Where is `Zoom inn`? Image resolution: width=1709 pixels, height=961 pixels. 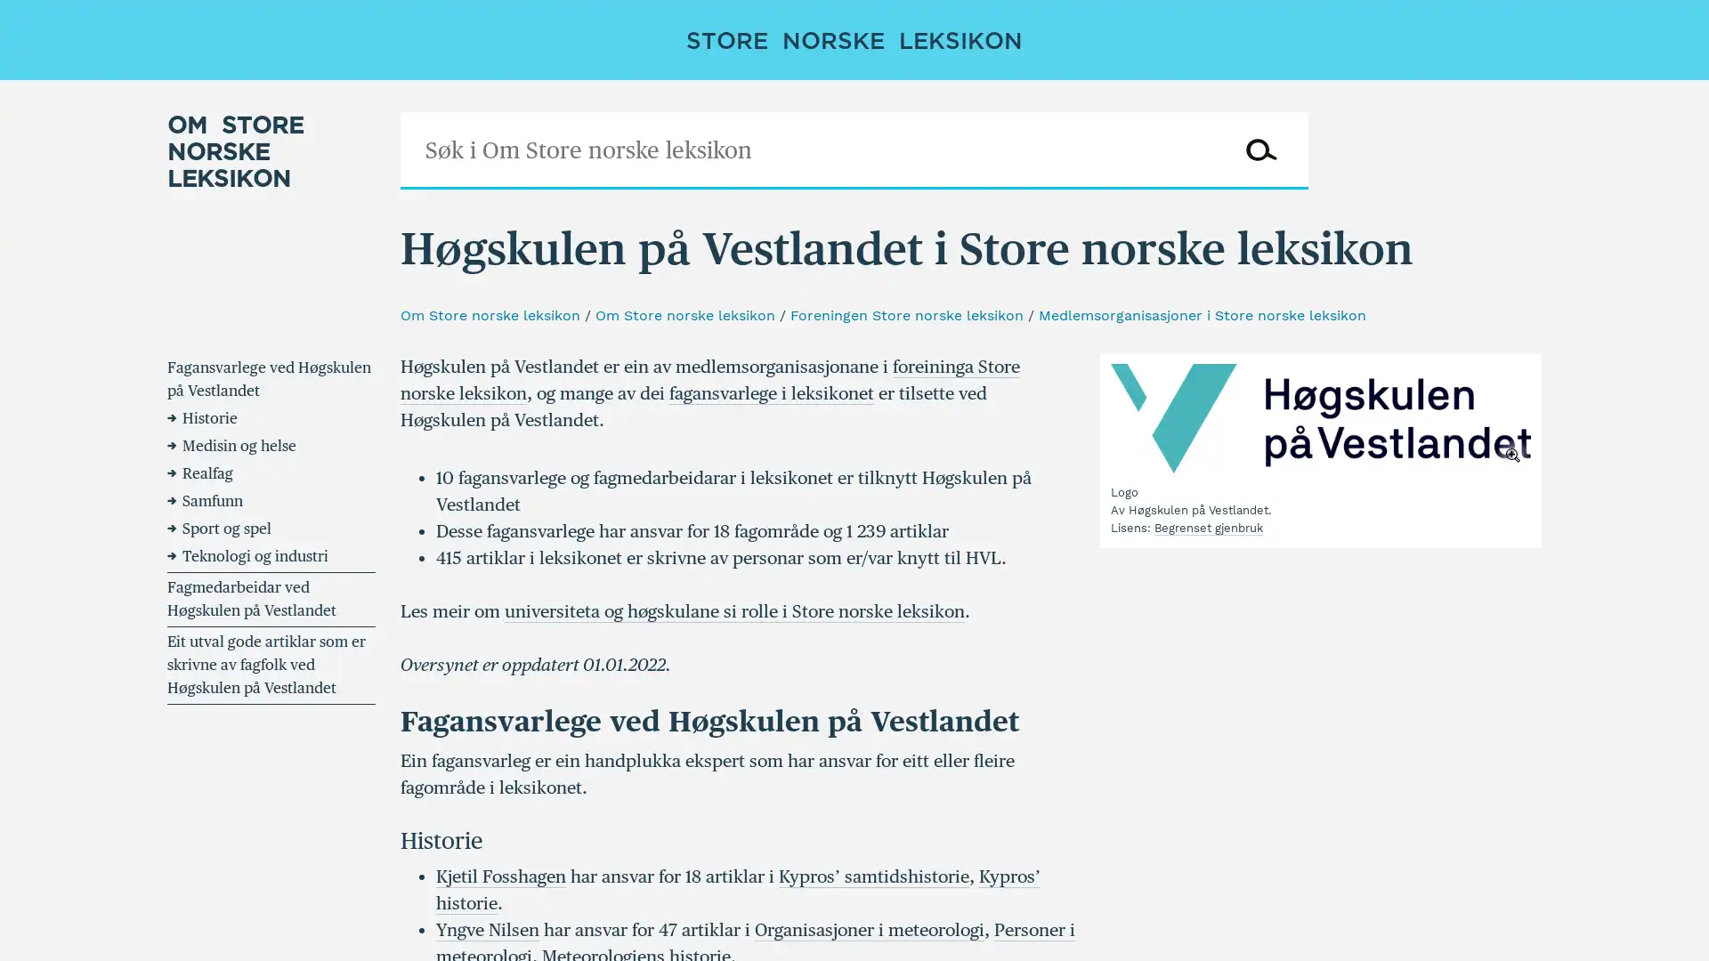 Zoom inn is located at coordinates (1320, 418).